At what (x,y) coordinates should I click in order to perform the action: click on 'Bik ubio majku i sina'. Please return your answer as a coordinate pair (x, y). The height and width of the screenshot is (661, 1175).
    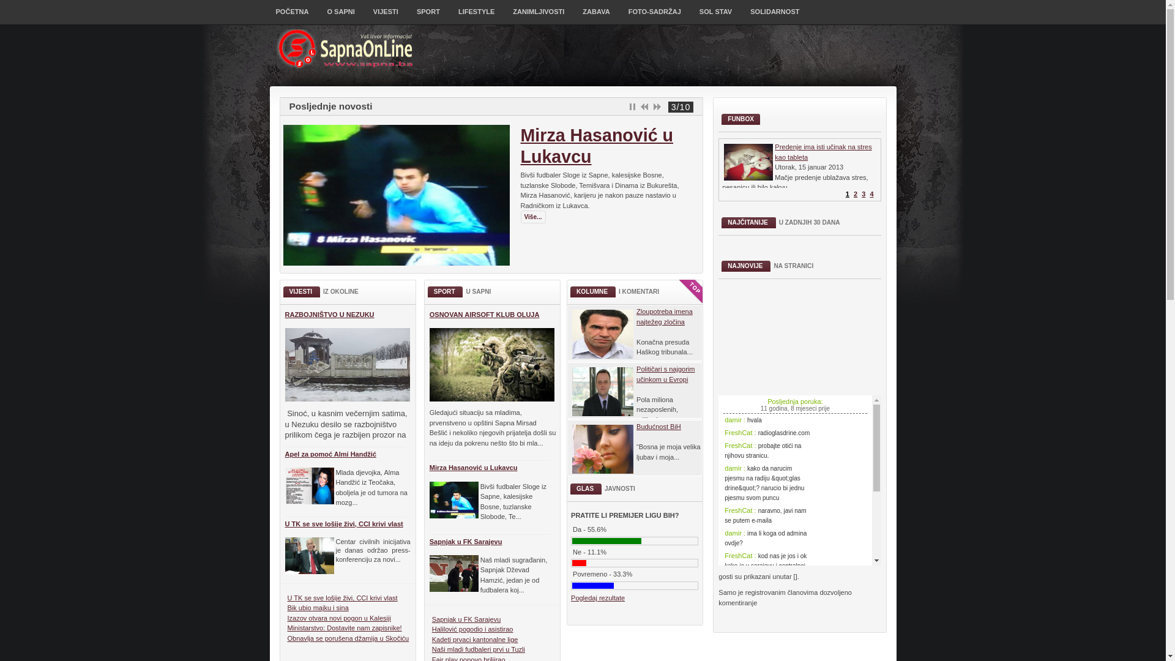
    Looking at the image, I should click on (318, 607).